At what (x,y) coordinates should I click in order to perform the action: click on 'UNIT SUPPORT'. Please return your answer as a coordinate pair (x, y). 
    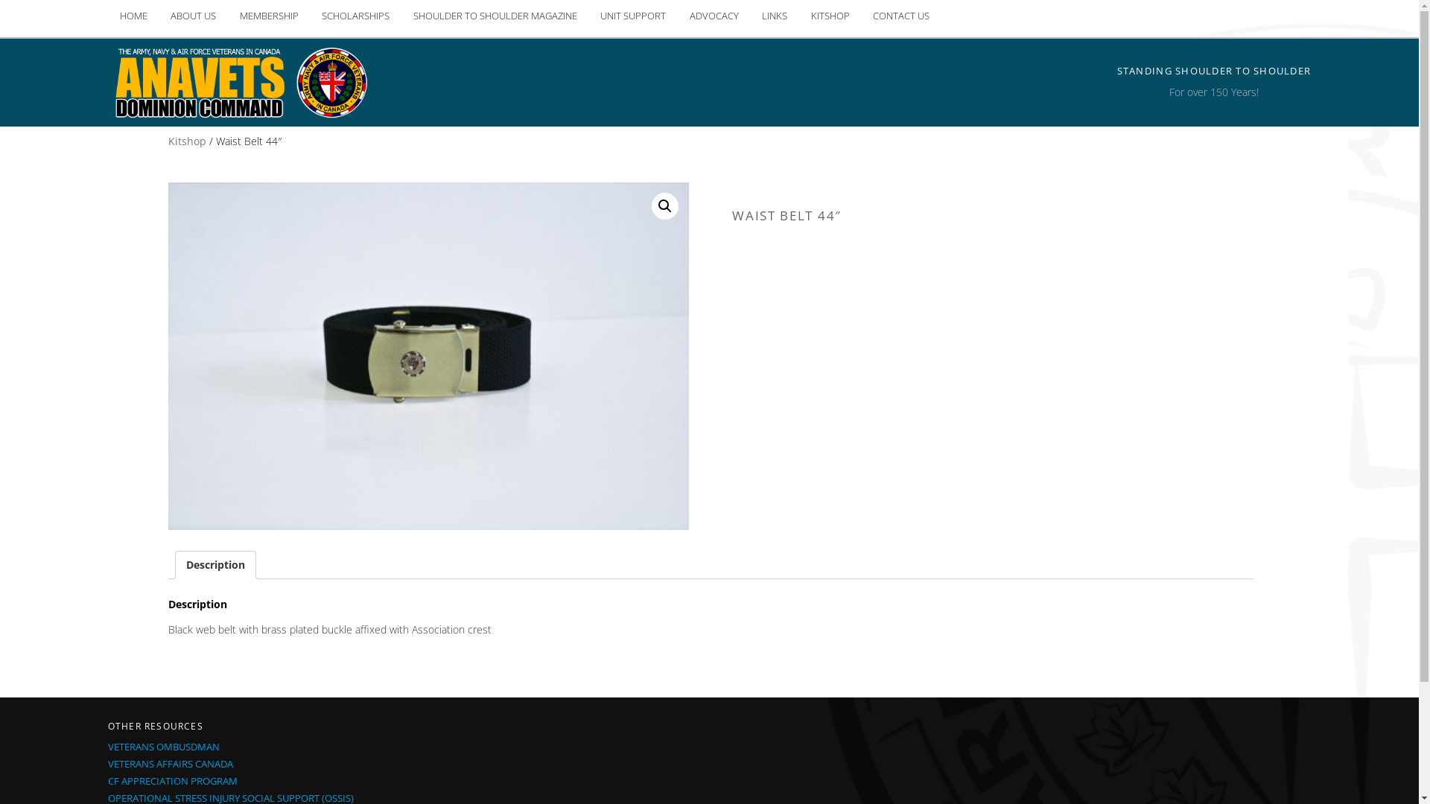
    Looking at the image, I should click on (632, 16).